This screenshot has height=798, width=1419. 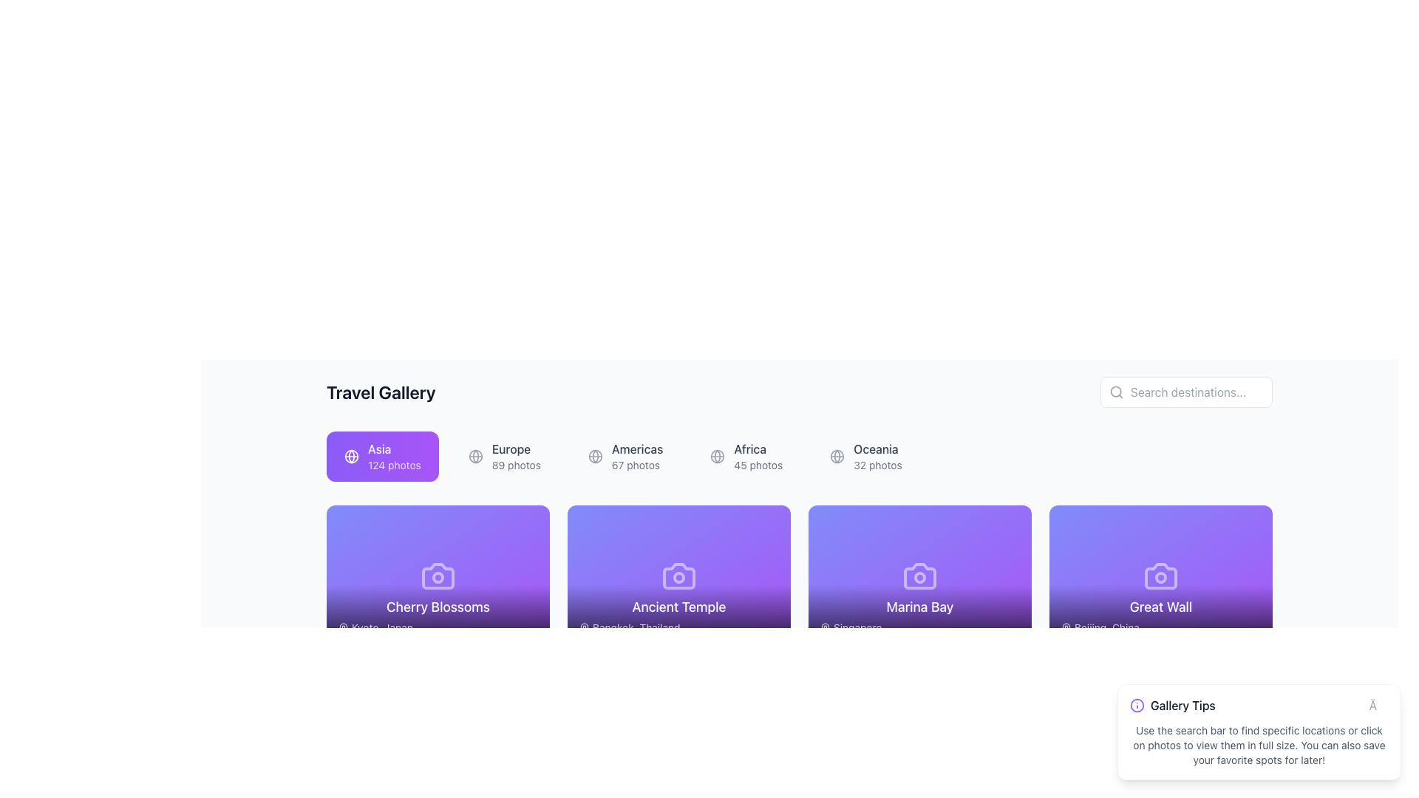 I want to click on the camera icon, which is a light violet representation of a handheld camera located at the center of the 'Cherry Blossoms' card in the 'Travel Gallery' section, so click(x=438, y=575).